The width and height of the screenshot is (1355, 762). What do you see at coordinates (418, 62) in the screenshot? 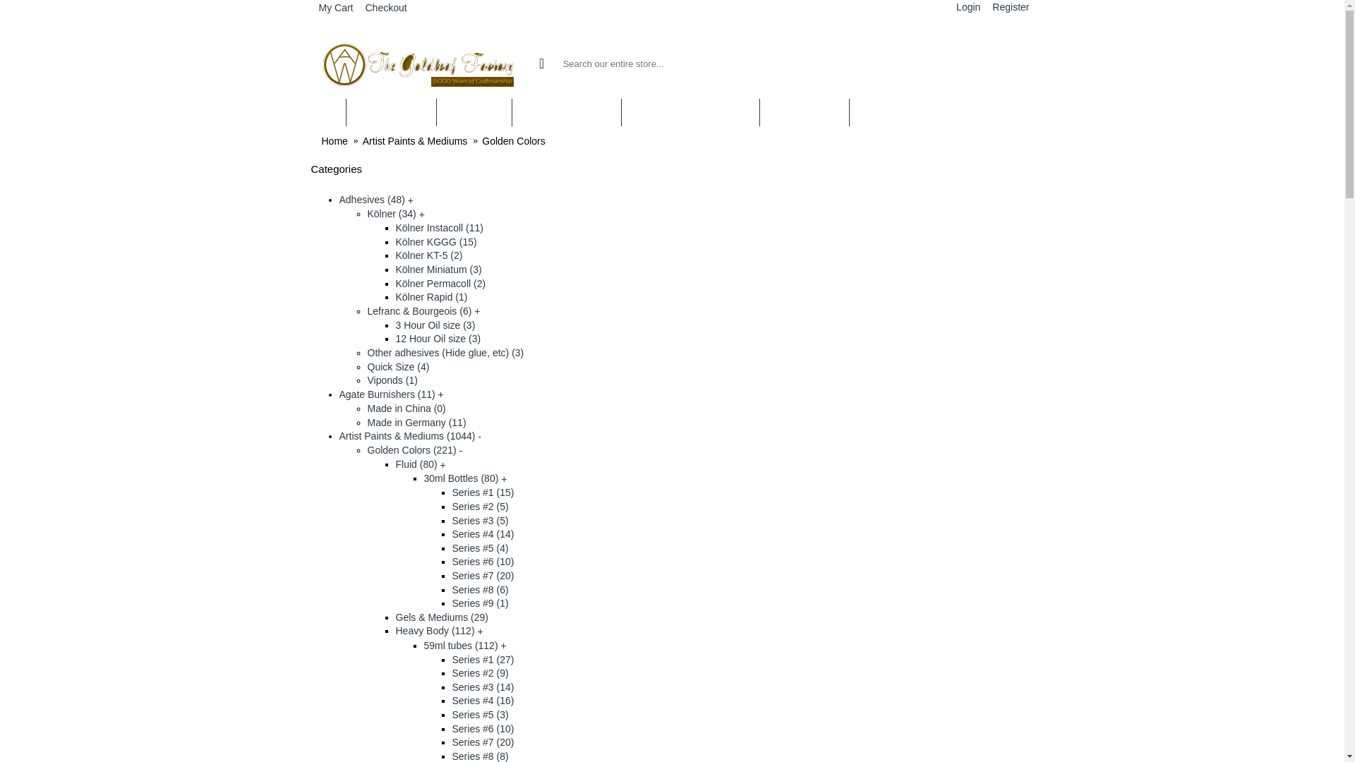
I see `'The Gold leaf Factory International'` at bounding box center [418, 62].